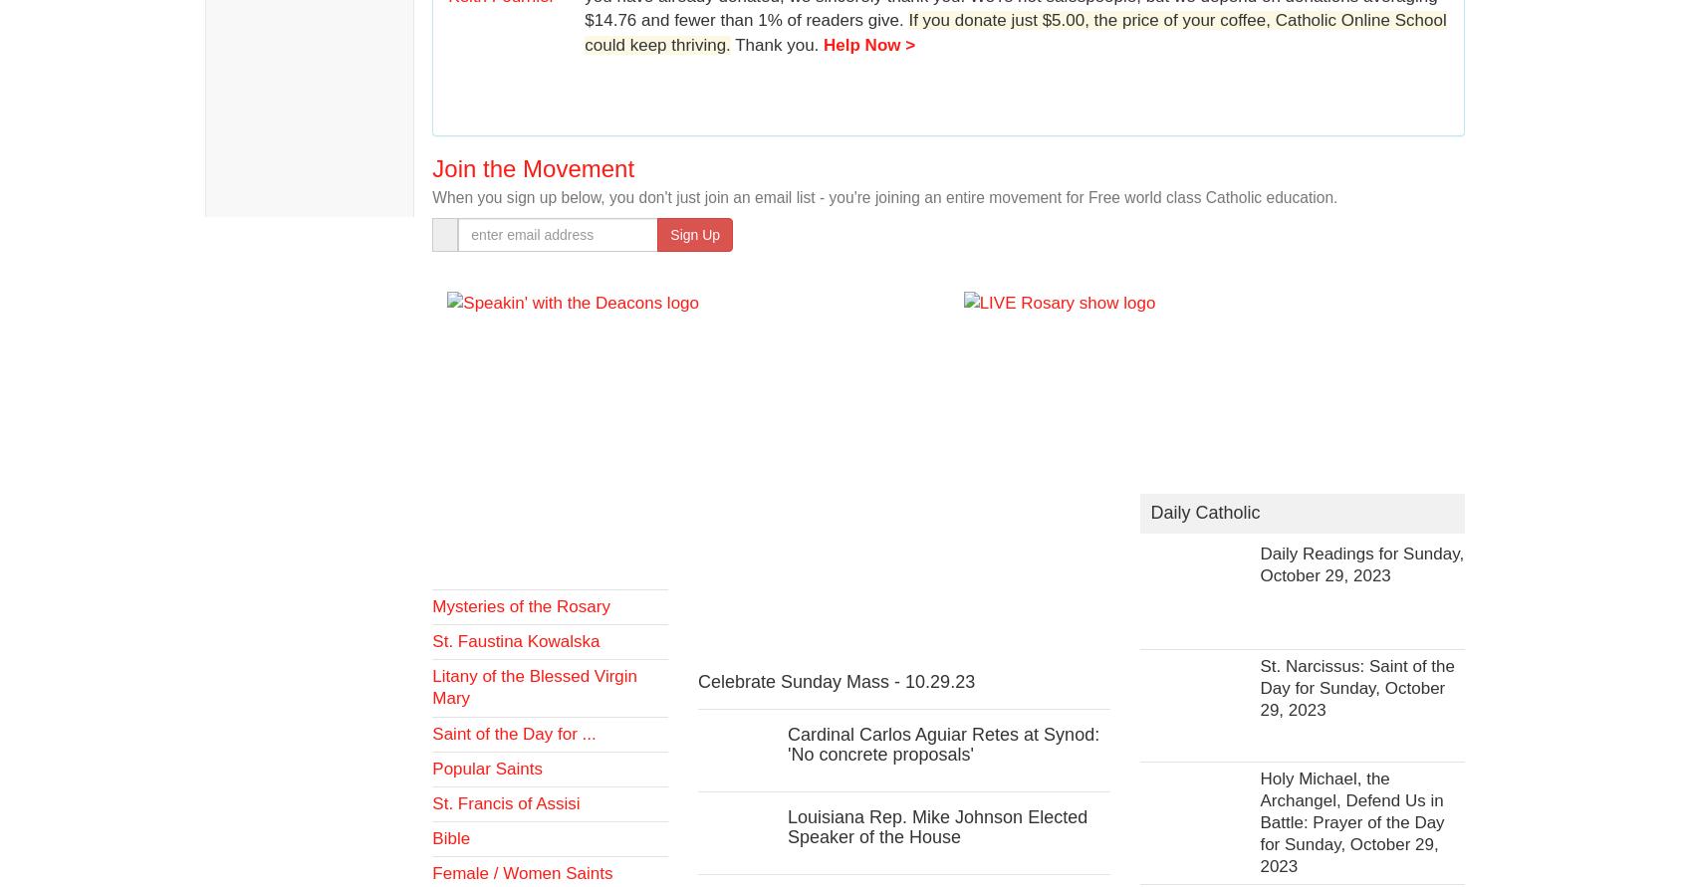  What do you see at coordinates (485, 768) in the screenshot?
I see `'Popular Saints'` at bounding box center [485, 768].